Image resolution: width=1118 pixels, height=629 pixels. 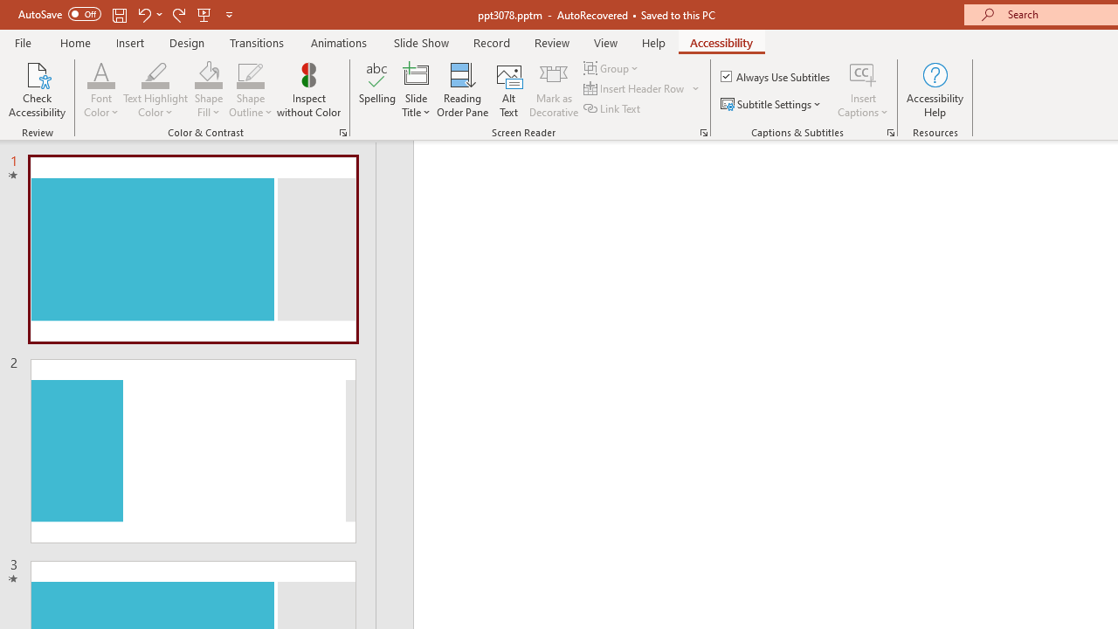 What do you see at coordinates (934, 90) in the screenshot?
I see `'Accessibility Help'` at bounding box center [934, 90].